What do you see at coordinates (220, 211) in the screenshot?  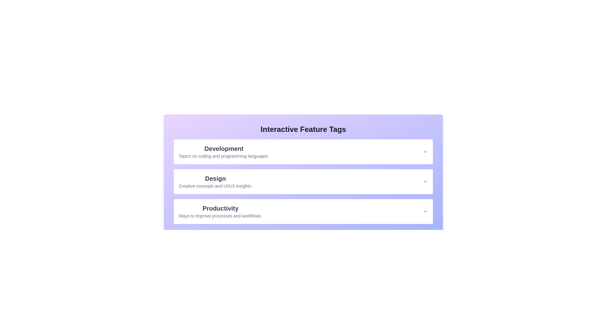 I see `the 'Productivity' text block, which contains a bold heading and a lighter subtitle` at bounding box center [220, 211].